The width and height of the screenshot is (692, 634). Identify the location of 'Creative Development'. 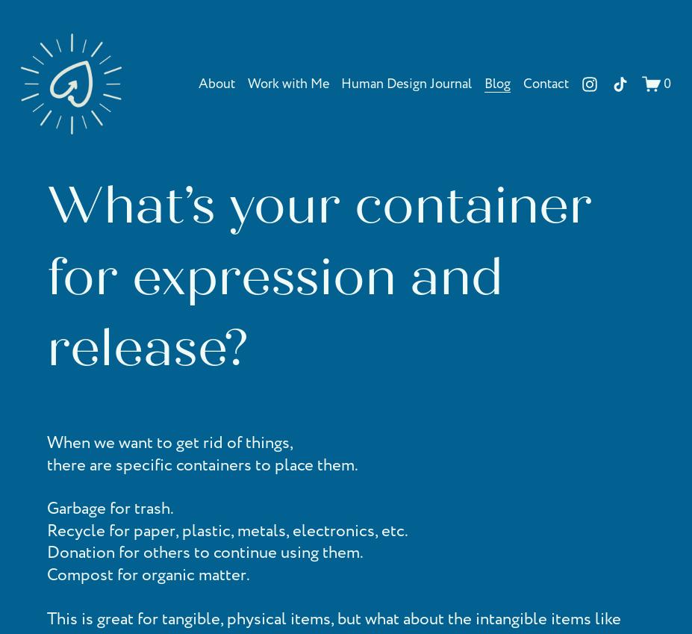
(263, 111).